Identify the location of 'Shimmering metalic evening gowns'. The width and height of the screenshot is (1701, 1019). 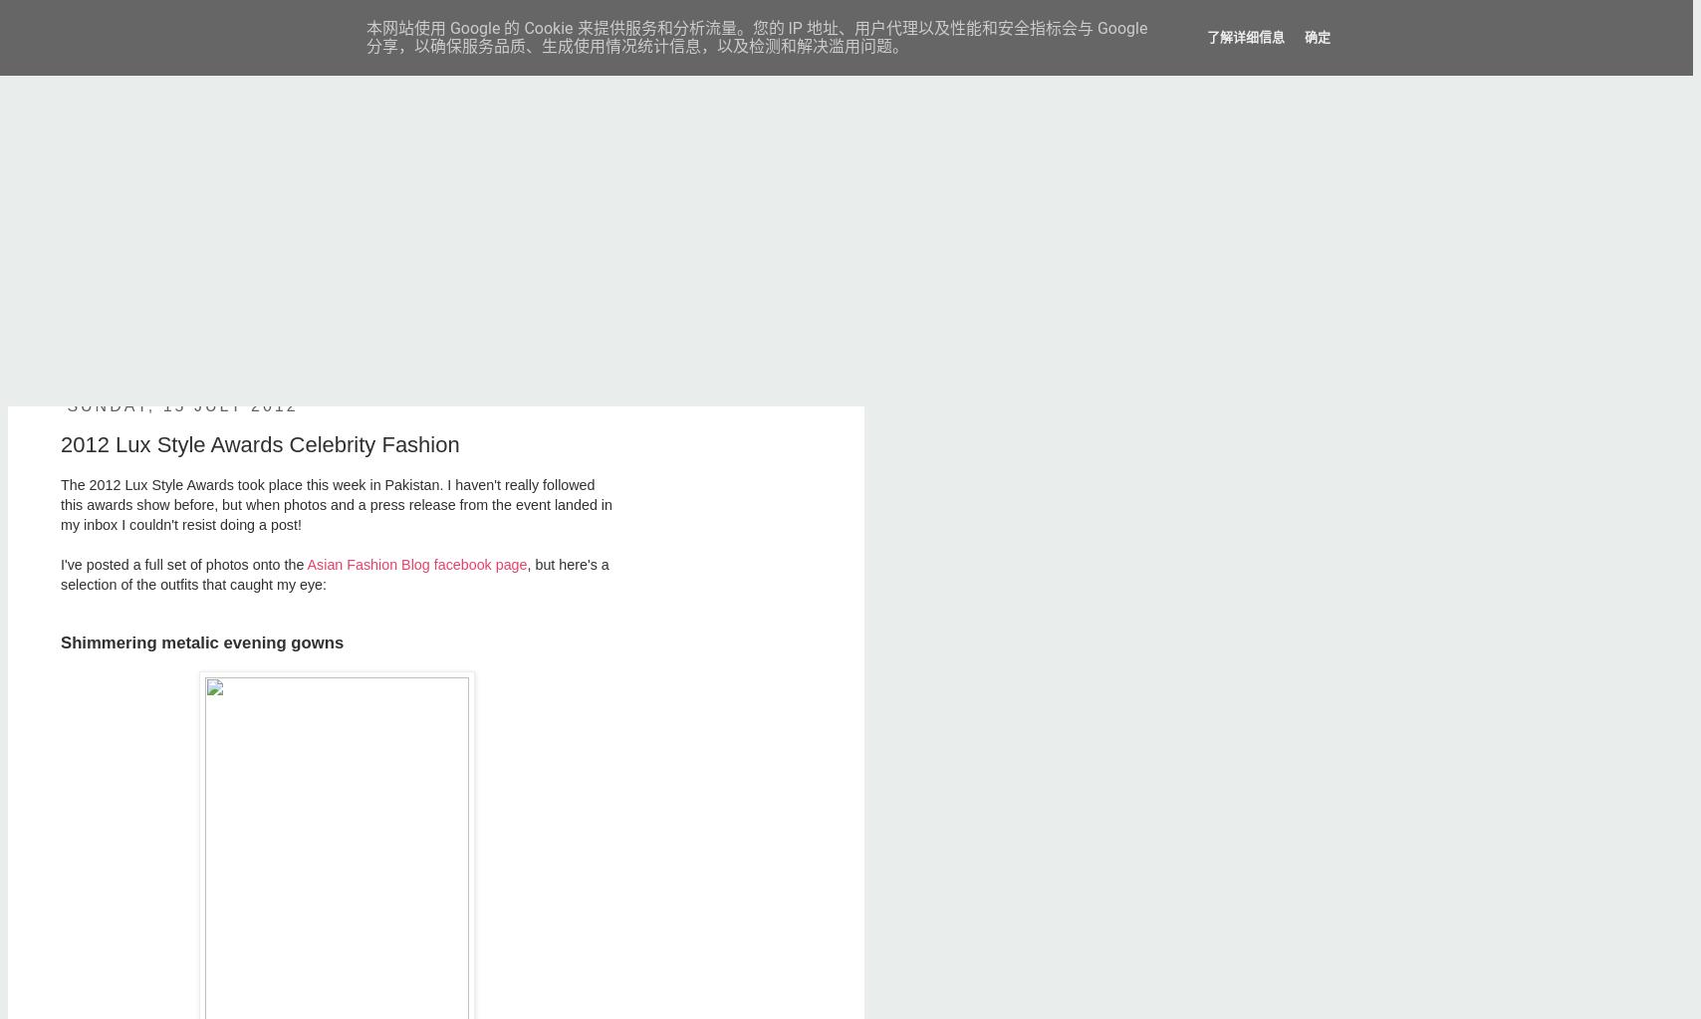
(202, 642).